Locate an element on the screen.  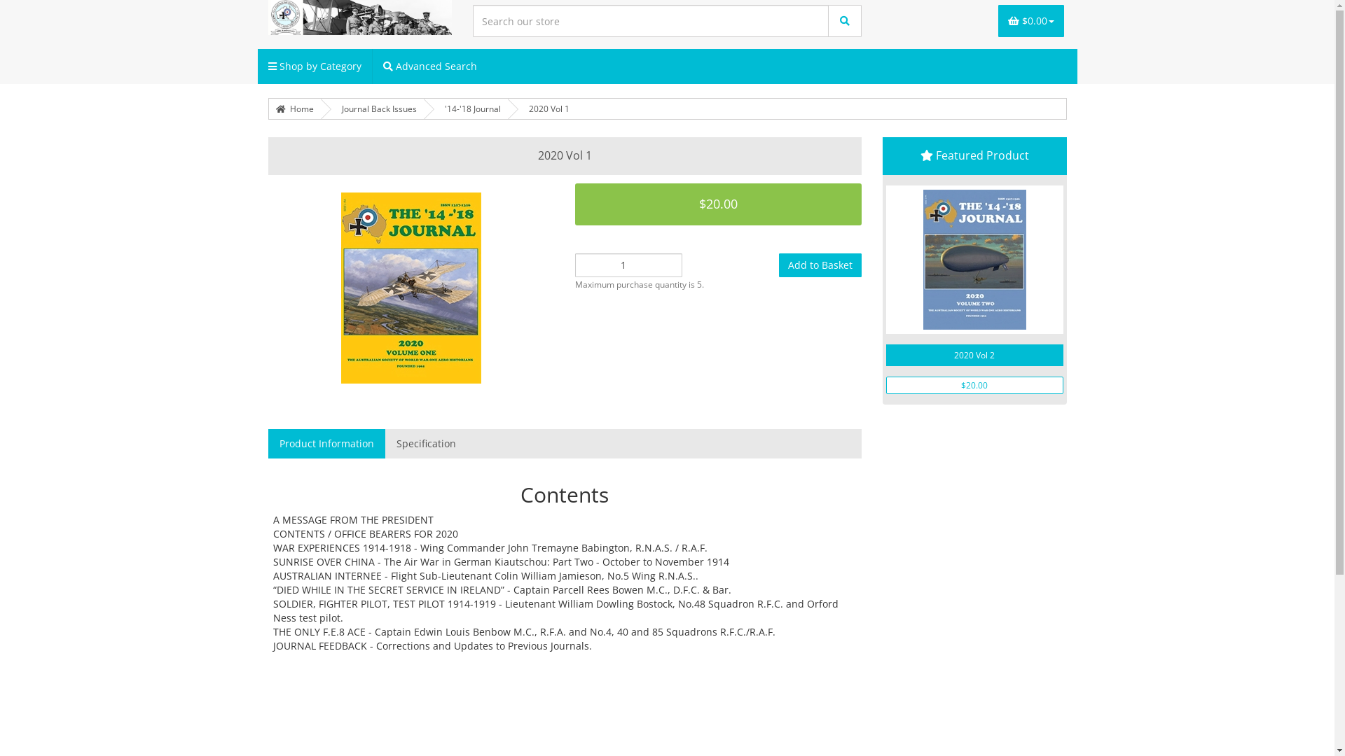
''14-'18 Journal' is located at coordinates (436, 108).